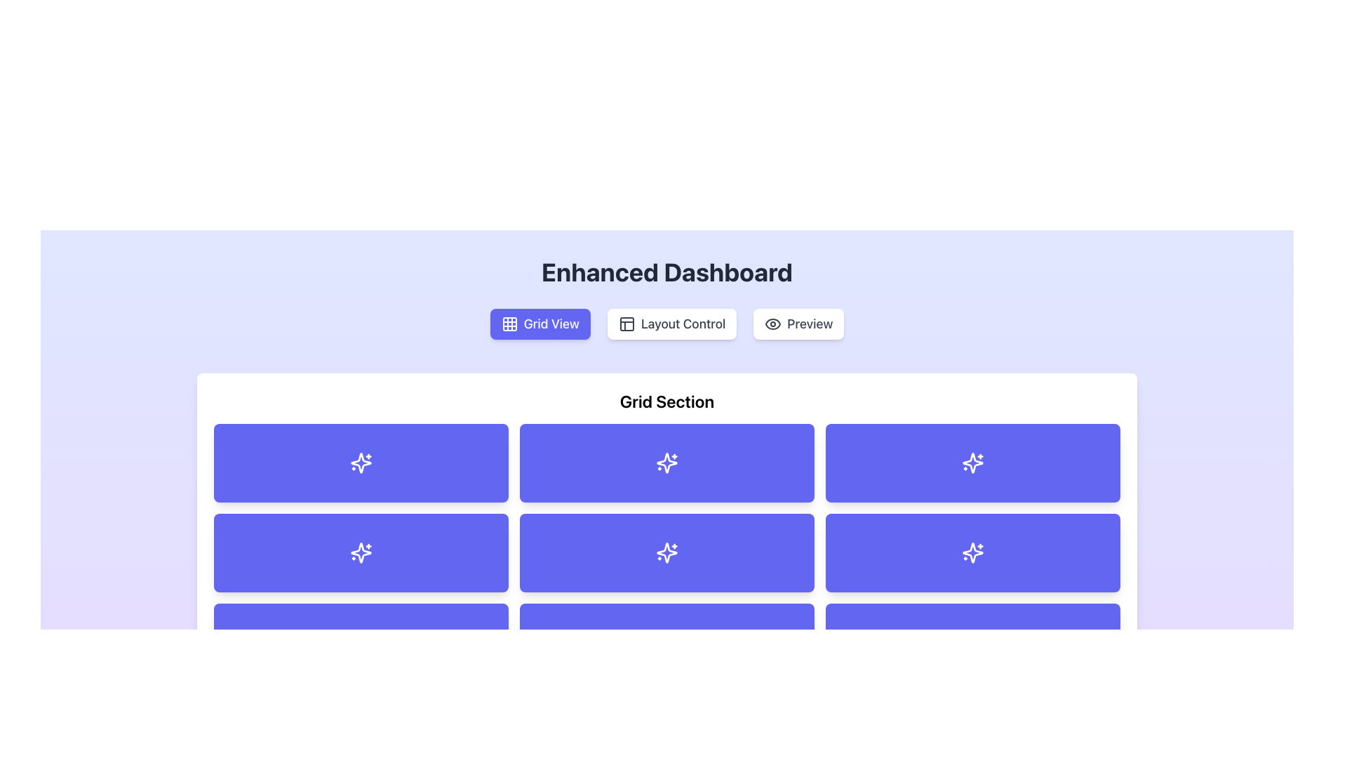 This screenshot has height=758, width=1347. What do you see at coordinates (540, 324) in the screenshot?
I see `the leftmost button below the 'Enhanced Dashboard' header` at bounding box center [540, 324].